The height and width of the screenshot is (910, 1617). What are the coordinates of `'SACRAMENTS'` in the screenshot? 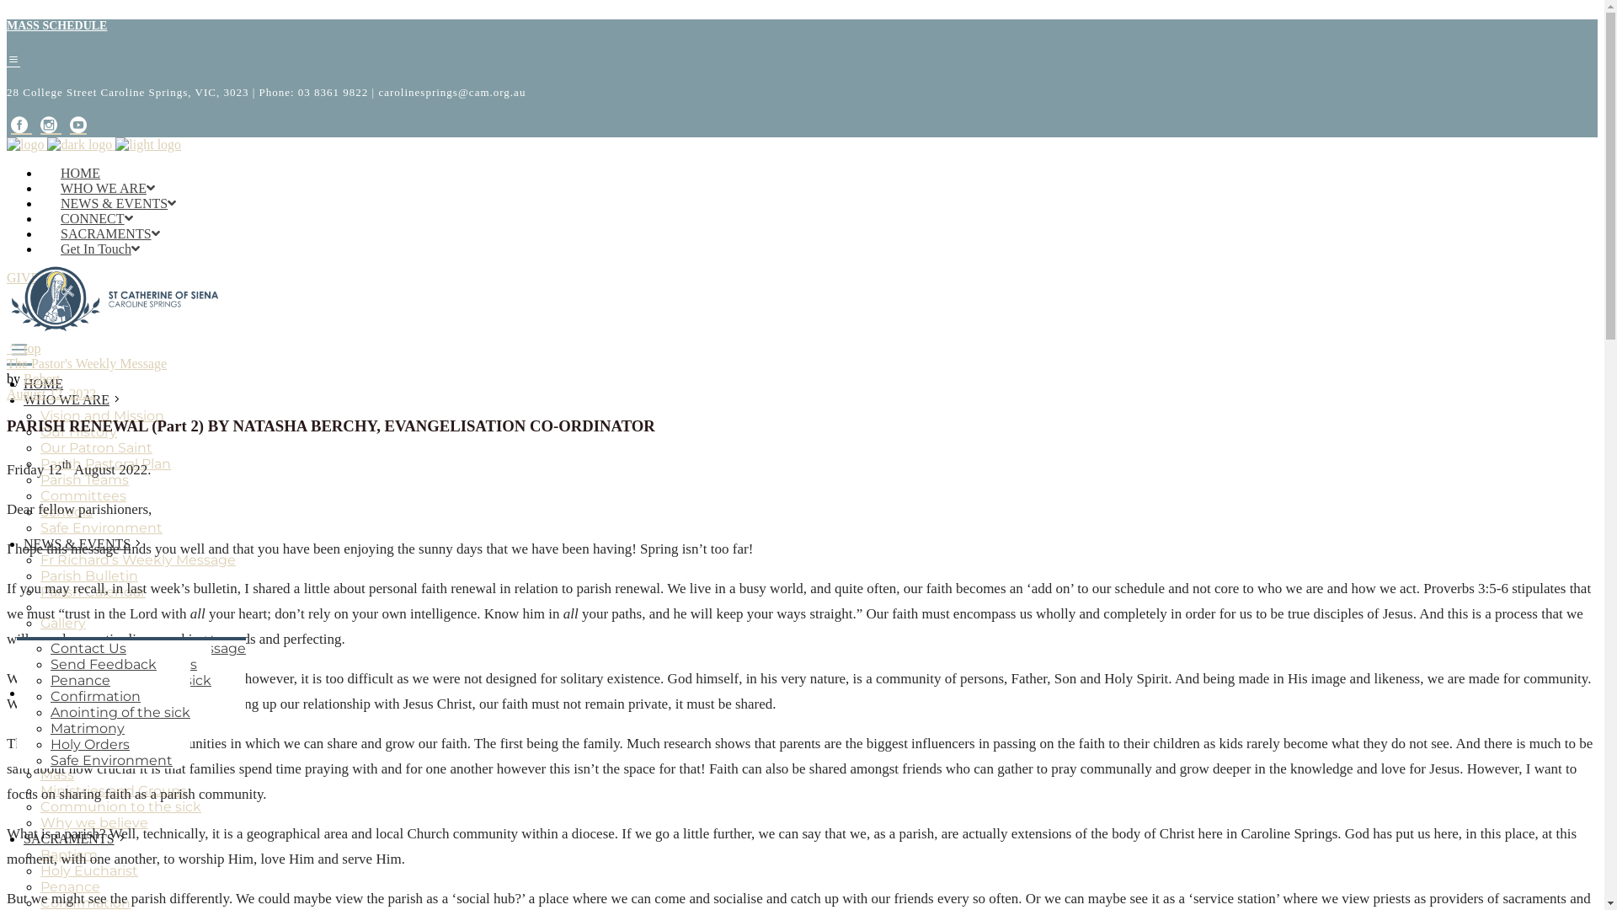 It's located at (24, 838).